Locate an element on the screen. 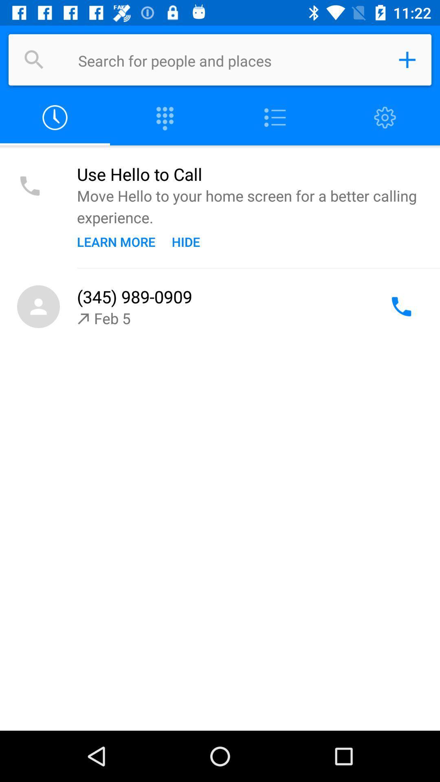  a contact is located at coordinates (407, 59).